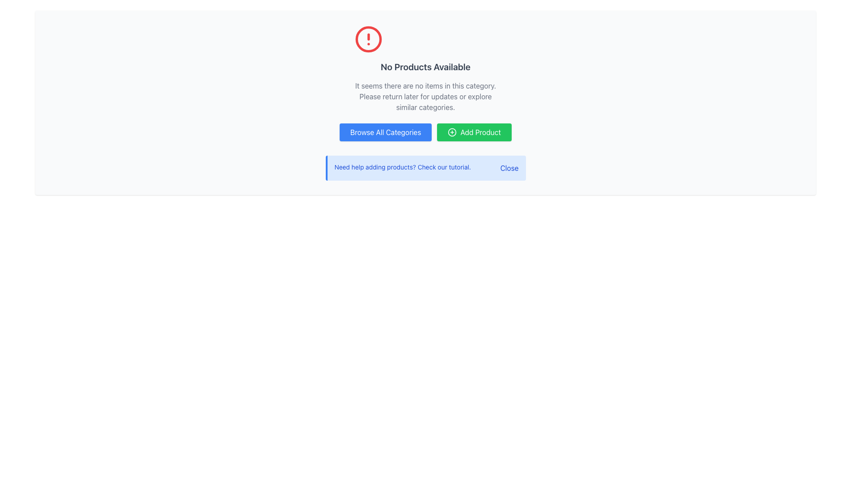 This screenshot has height=483, width=858. Describe the element at coordinates (426, 168) in the screenshot. I see `the 'Check our tutorial' text on the Informational banner to access the tutorial page` at that location.